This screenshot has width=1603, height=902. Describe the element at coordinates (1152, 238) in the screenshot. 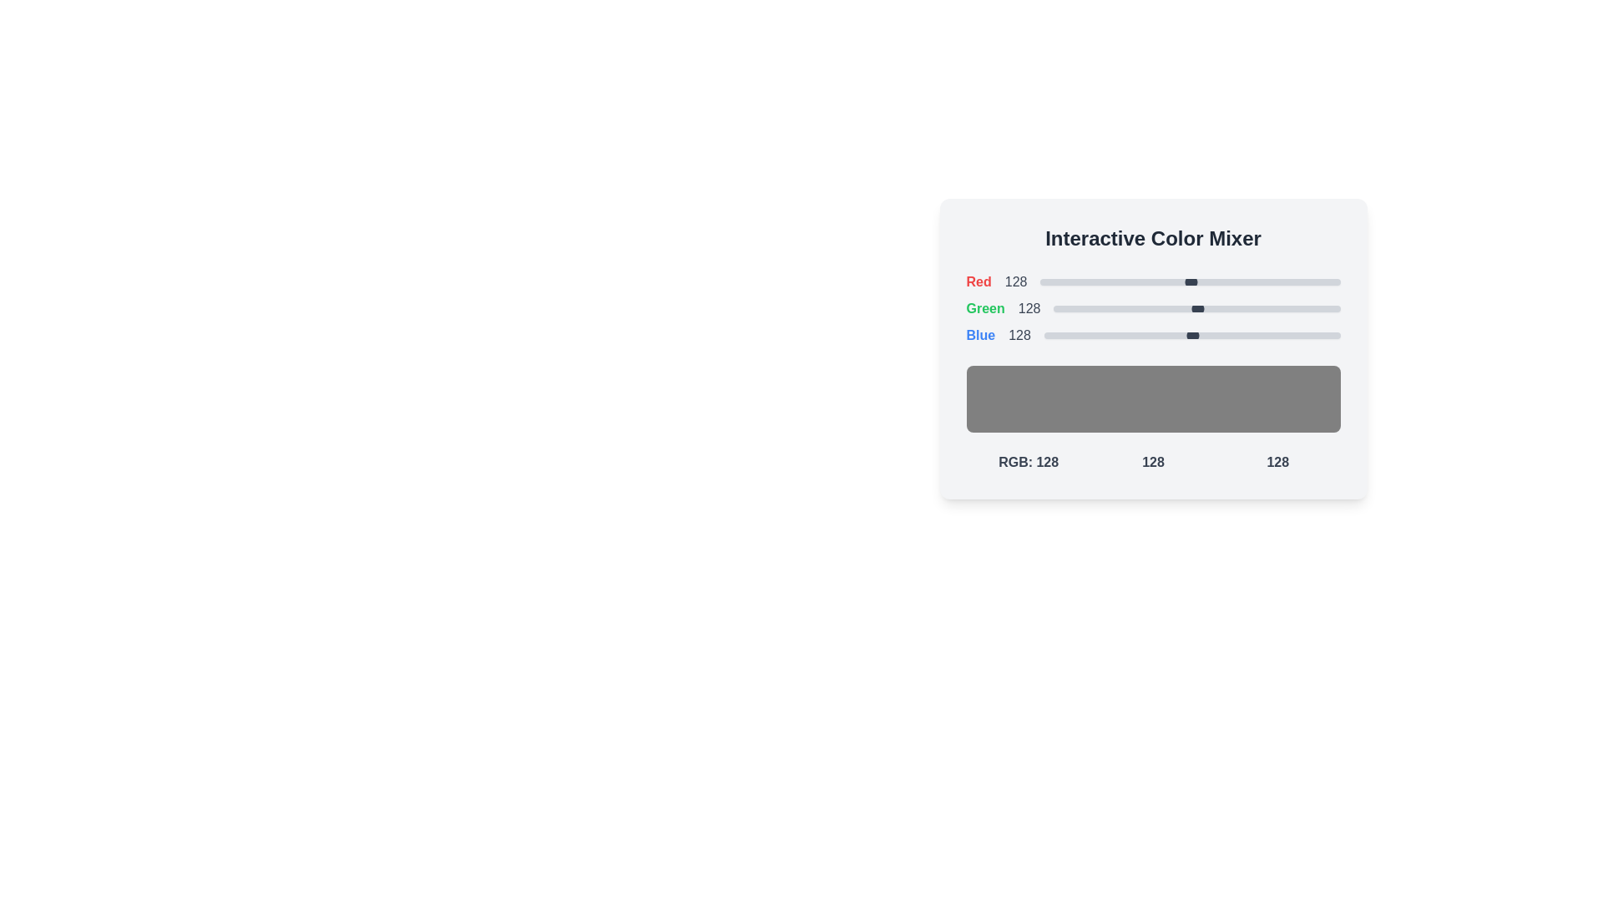

I see `the Text Label that serves as a header or title, located above the RGB sliders and display outputs` at that location.